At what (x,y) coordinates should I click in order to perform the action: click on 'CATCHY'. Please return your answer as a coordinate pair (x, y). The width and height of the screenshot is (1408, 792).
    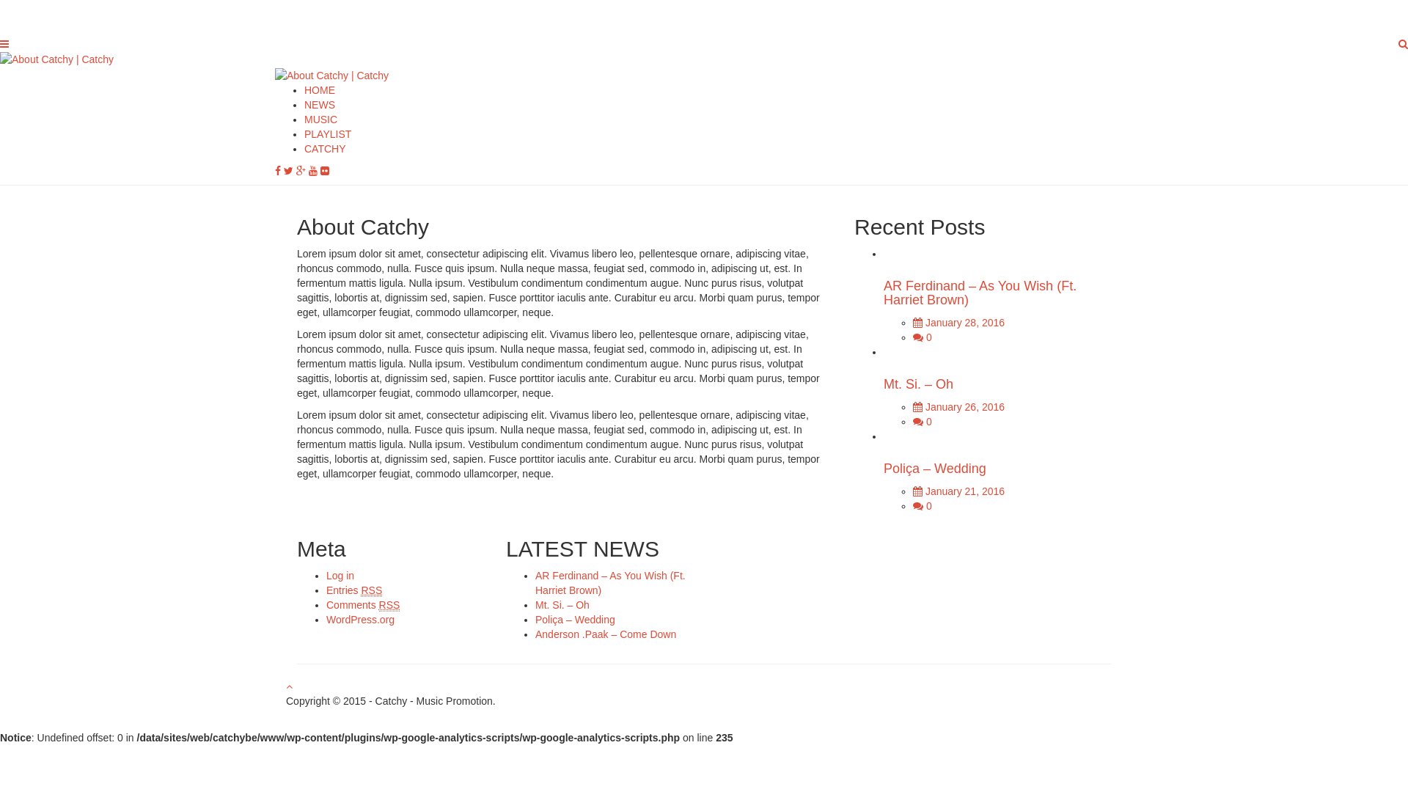
    Looking at the image, I should click on (324, 149).